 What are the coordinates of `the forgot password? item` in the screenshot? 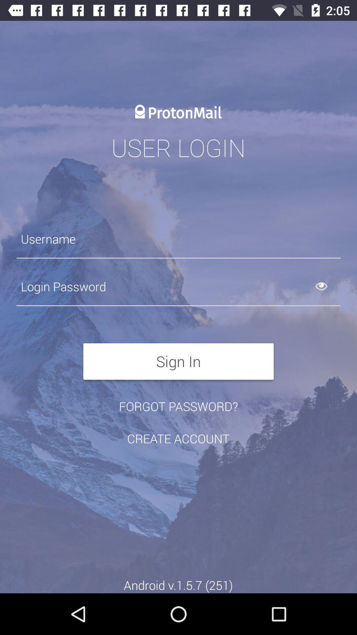 It's located at (178, 406).